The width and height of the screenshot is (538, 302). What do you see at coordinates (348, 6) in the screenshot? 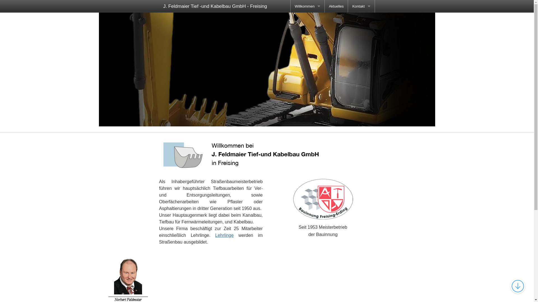
I see `'Kontakt'` at bounding box center [348, 6].